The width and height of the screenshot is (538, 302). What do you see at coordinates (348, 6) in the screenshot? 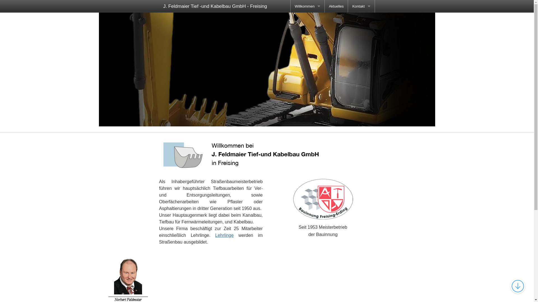
I see `'Kontakt'` at bounding box center [348, 6].